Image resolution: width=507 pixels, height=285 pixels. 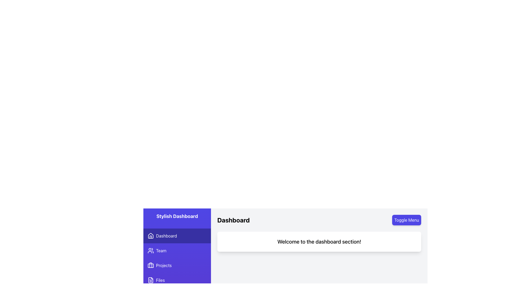 What do you see at coordinates (163, 265) in the screenshot?
I see `the text label displaying 'Projects' in white font on a purple background in the vertical navigation menu` at bounding box center [163, 265].